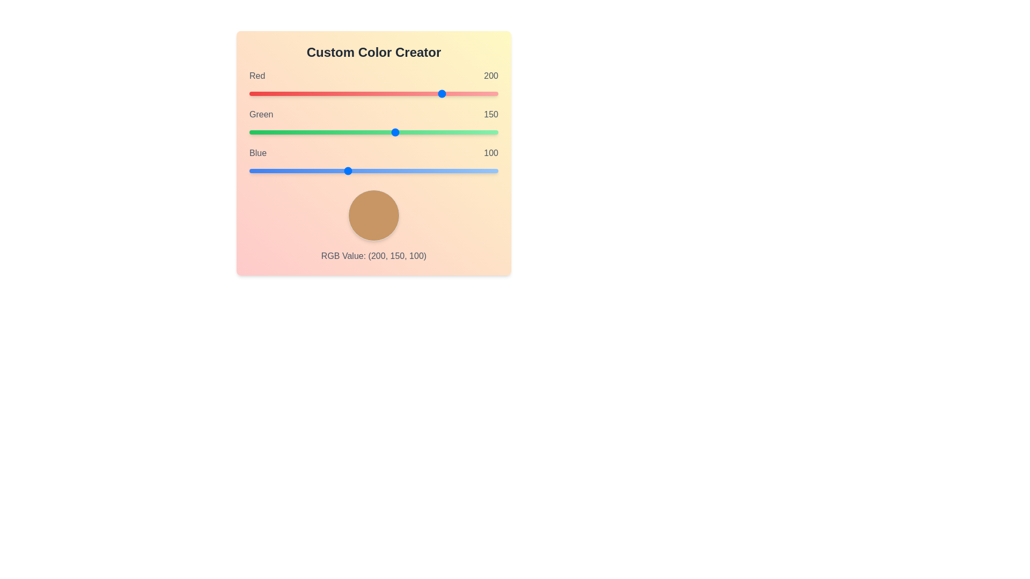  I want to click on the red slider to set the red value to 27, so click(276, 93).